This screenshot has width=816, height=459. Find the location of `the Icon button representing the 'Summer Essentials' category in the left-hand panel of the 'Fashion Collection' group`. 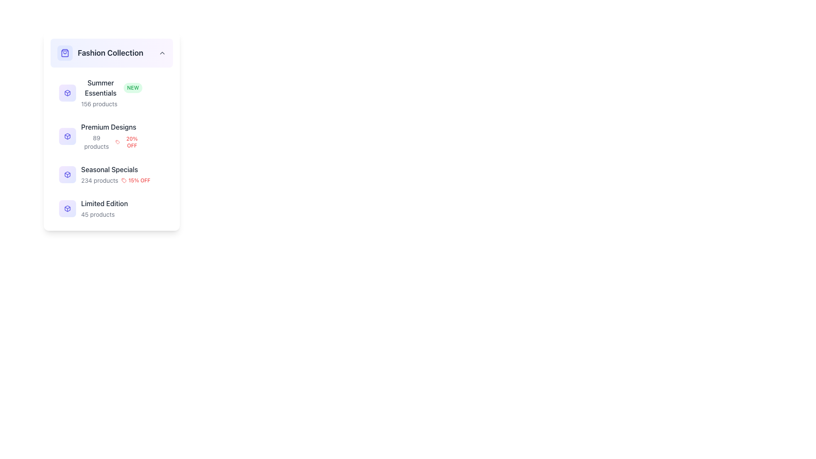

the Icon button representing the 'Summer Essentials' category in the left-hand panel of the 'Fashion Collection' group is located at coordinates (67, 93).